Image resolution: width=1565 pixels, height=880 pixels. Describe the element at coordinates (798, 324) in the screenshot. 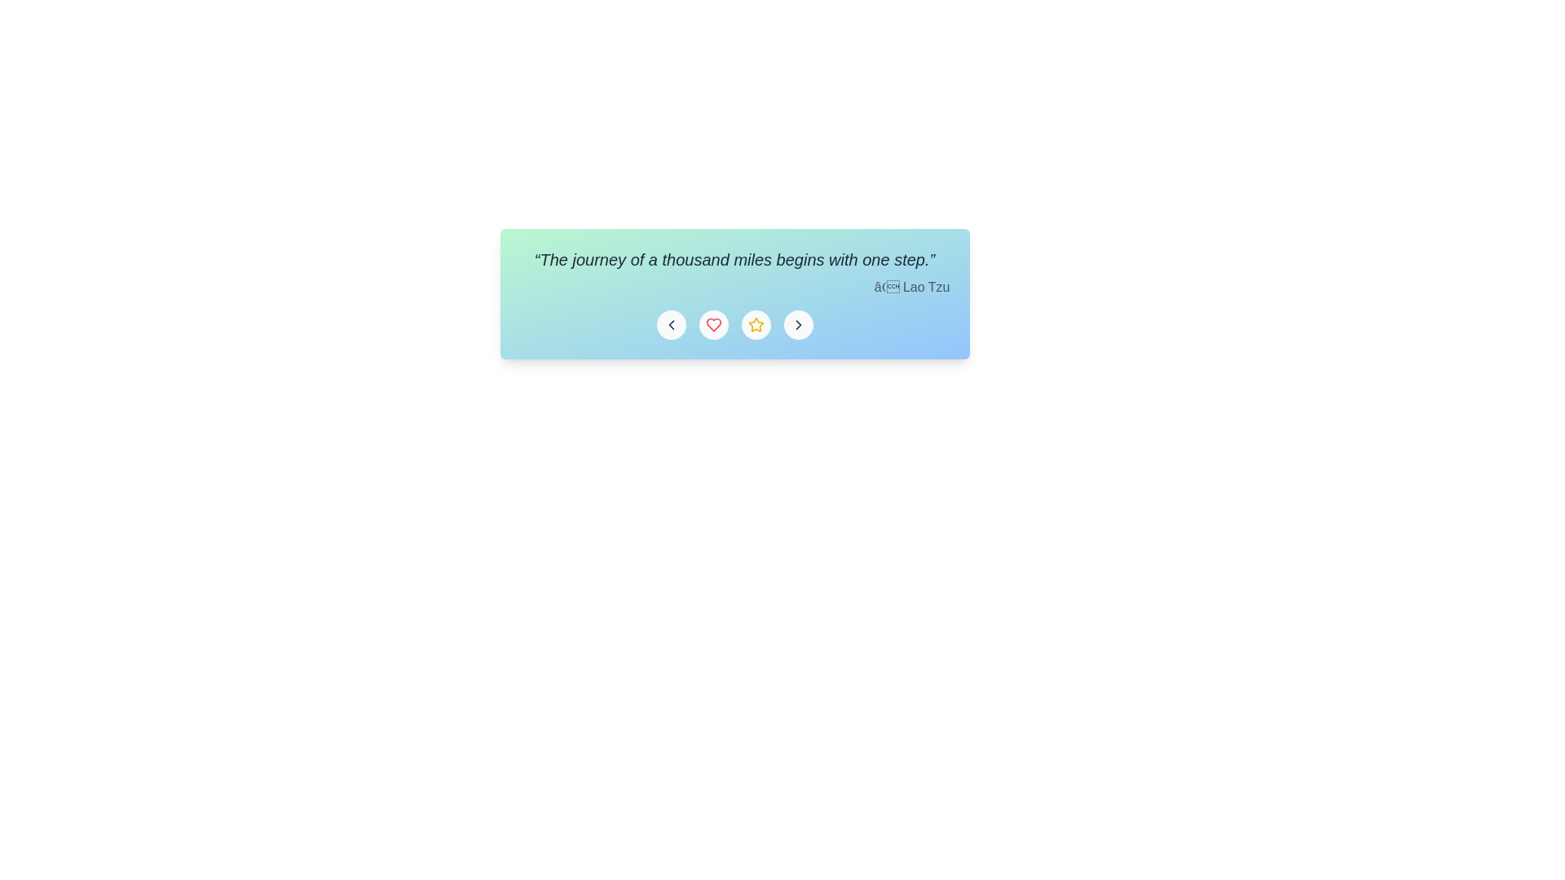

I see `the fifth circular button with a light gray background and a right-pointing chevron icon` at that location.